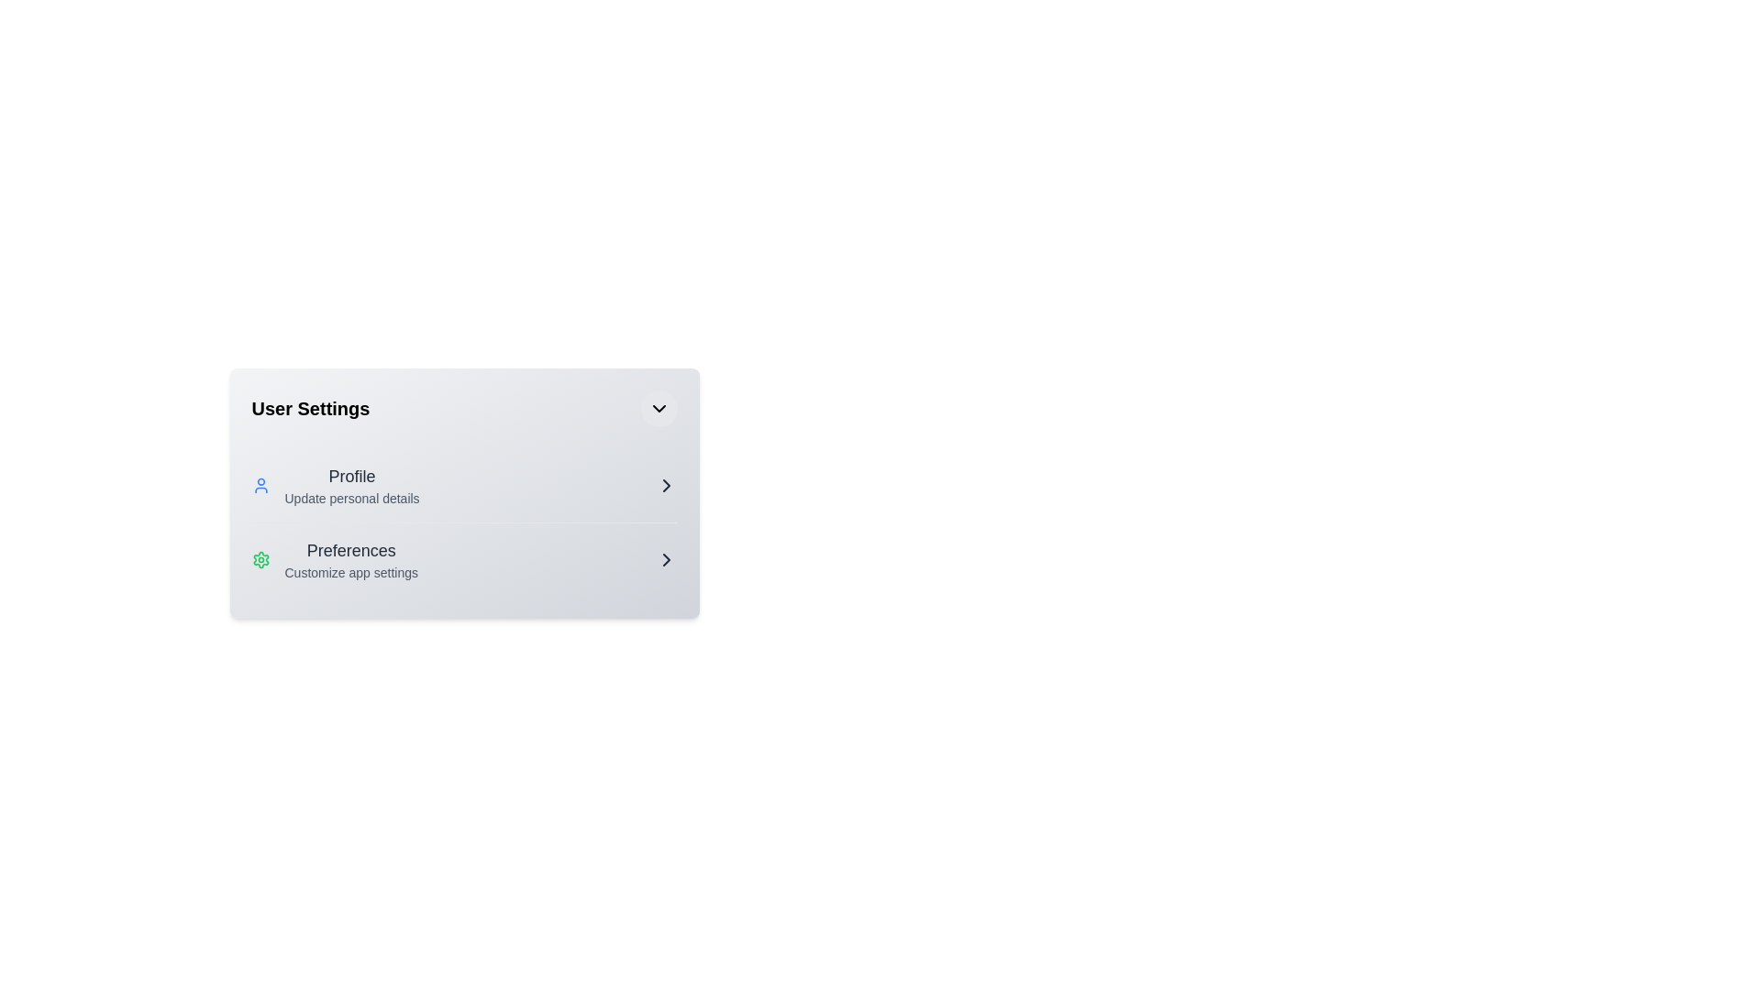 The image size is (1761, 990). Describe the element at coordinates (464, 485) in the screenshot. I see `the first List item in the 'User Settings' menu` at that location.